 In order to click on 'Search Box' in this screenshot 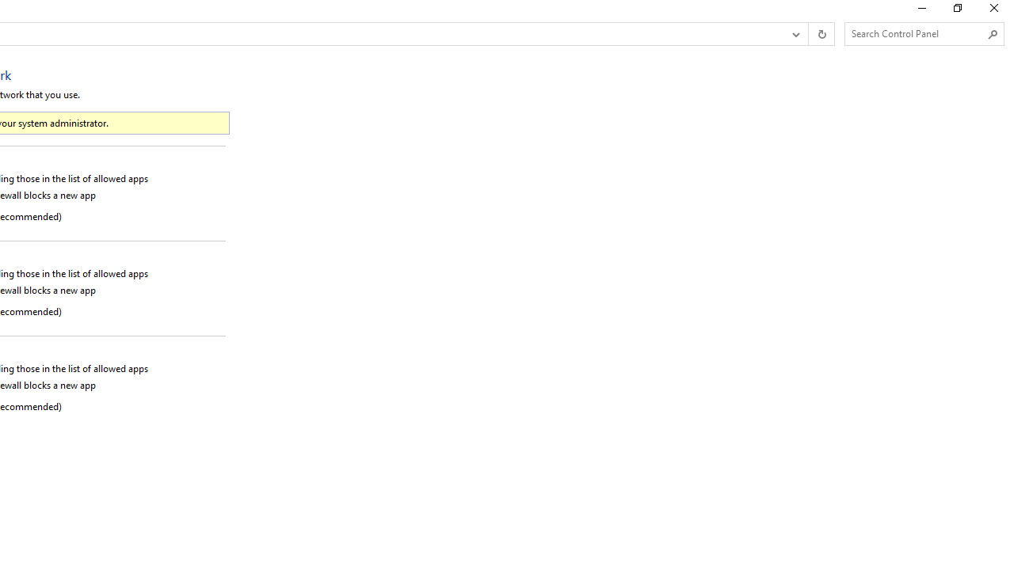, I will do `click(917, 33)`.